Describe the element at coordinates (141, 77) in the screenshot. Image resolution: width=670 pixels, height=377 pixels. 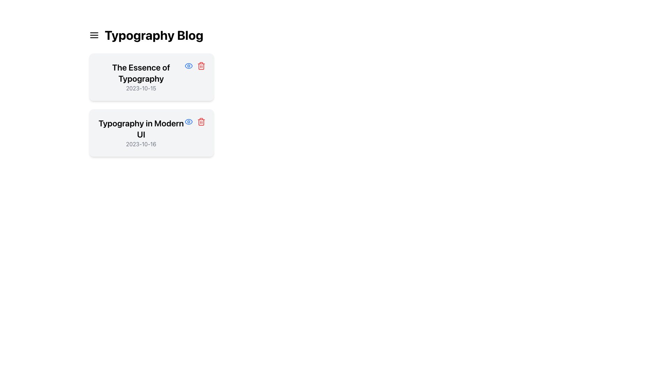
I see `the Text Display element which shows the title 'The Essence of Typography' and the date '2023-10-15', located at the top of the content area in a card-like structure` at that location.